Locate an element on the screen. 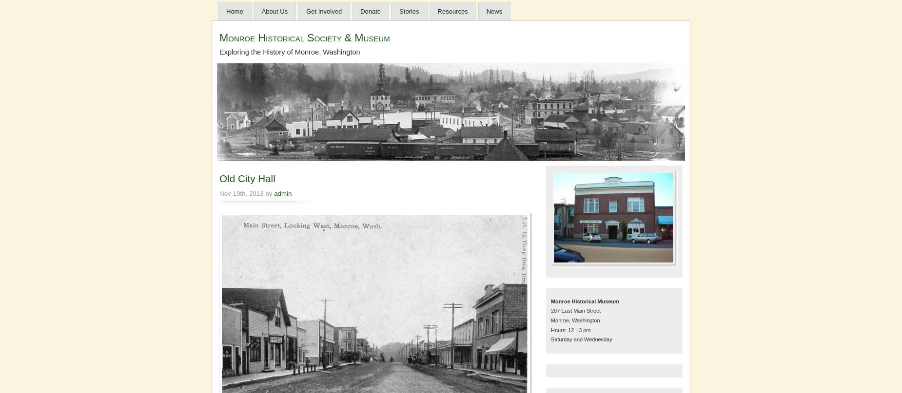 This screenshot has width=902, height=393. 'Monroe, Washington' is located at coordinates (550, 319).